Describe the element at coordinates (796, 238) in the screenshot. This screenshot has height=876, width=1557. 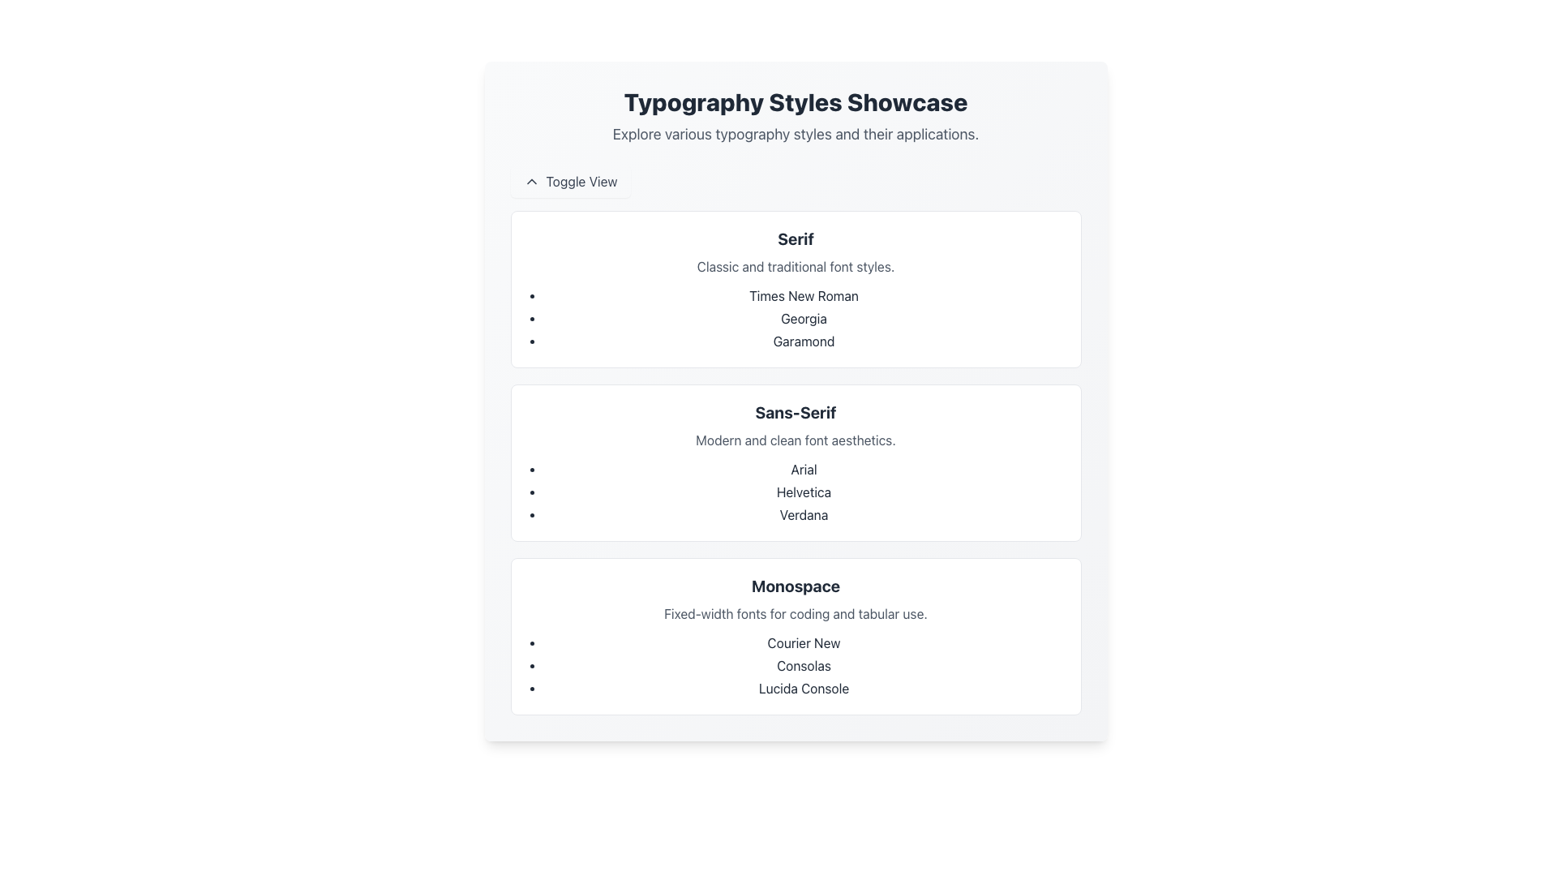
I see `the prominent heading text labeled 'Serif' which is styled in a larger font size and dark gray color` at that location.